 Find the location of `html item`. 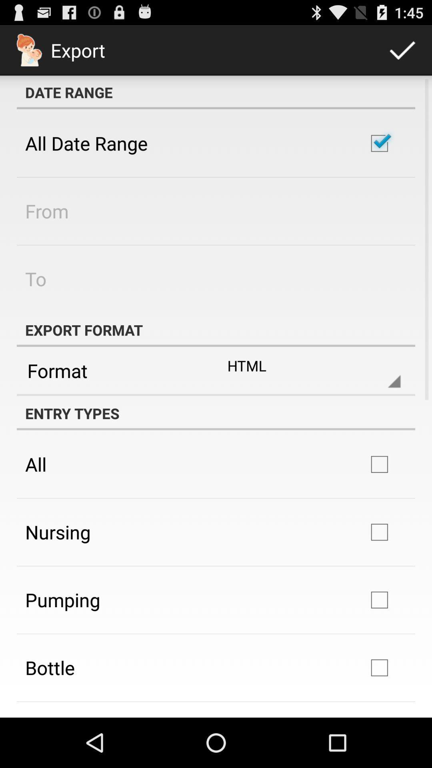

html item is located at coordinates (307, 370).